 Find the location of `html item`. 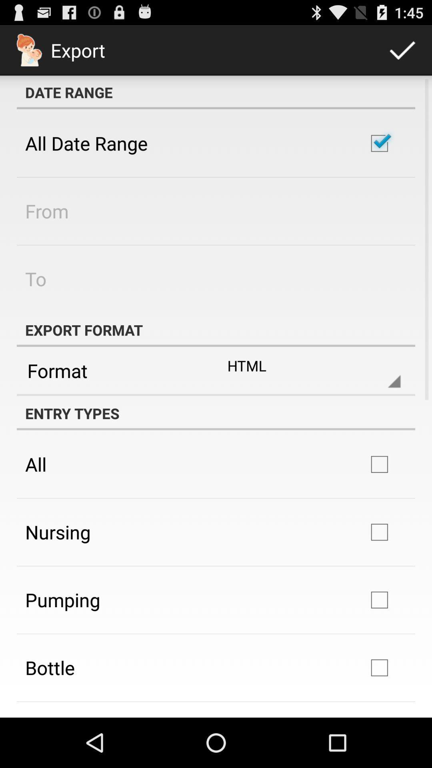

html item is located at coordinates (307, 370).